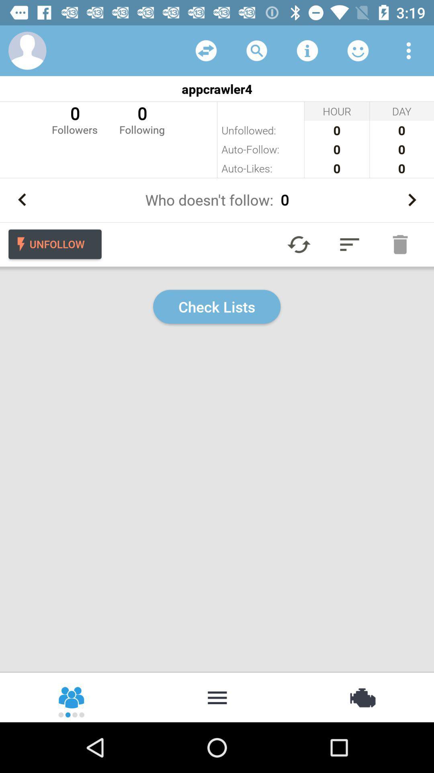  I want to click on user profile, so click(27, 50).